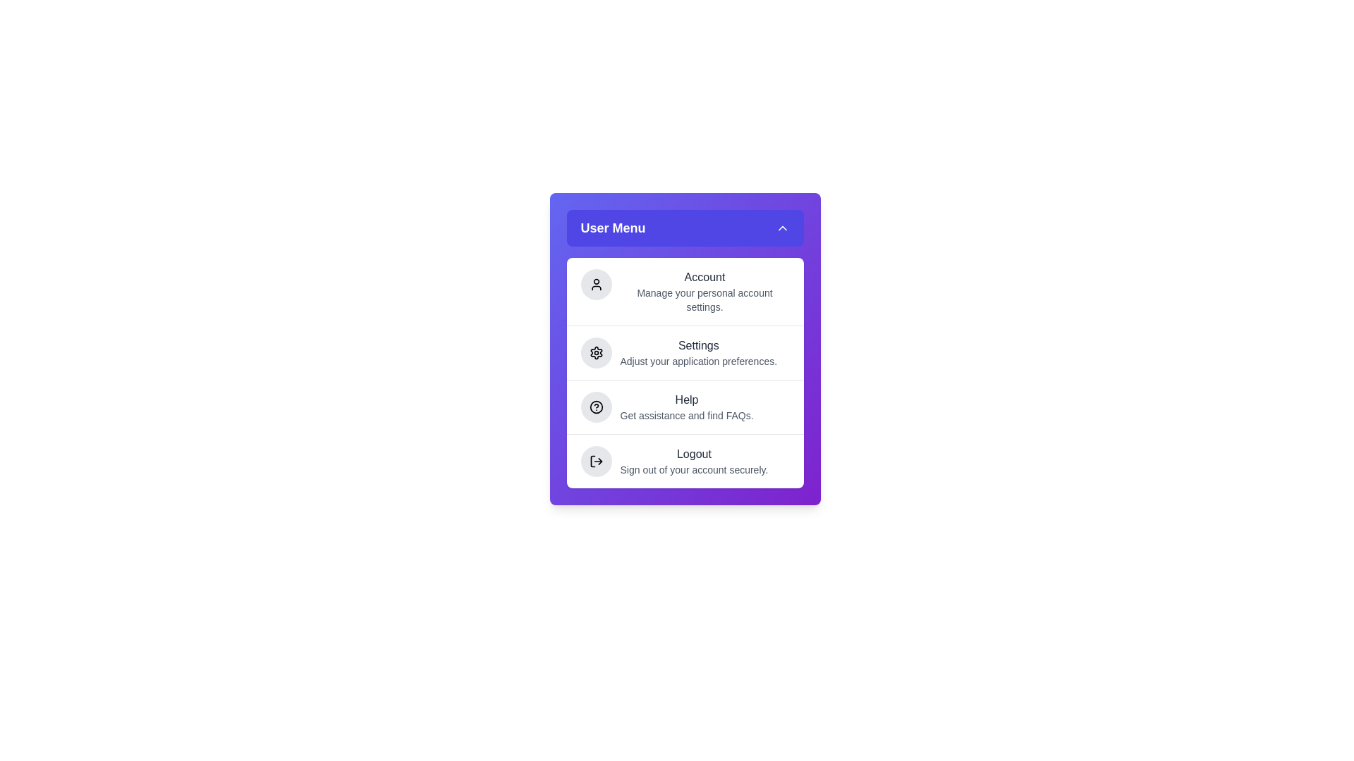 Image resolution: width=1354 pixels, height=761 pixels. Describe the element at coordinates (685, 461) in the screenshot. I see `the menu item Logout to view its highlight effect` at that location.